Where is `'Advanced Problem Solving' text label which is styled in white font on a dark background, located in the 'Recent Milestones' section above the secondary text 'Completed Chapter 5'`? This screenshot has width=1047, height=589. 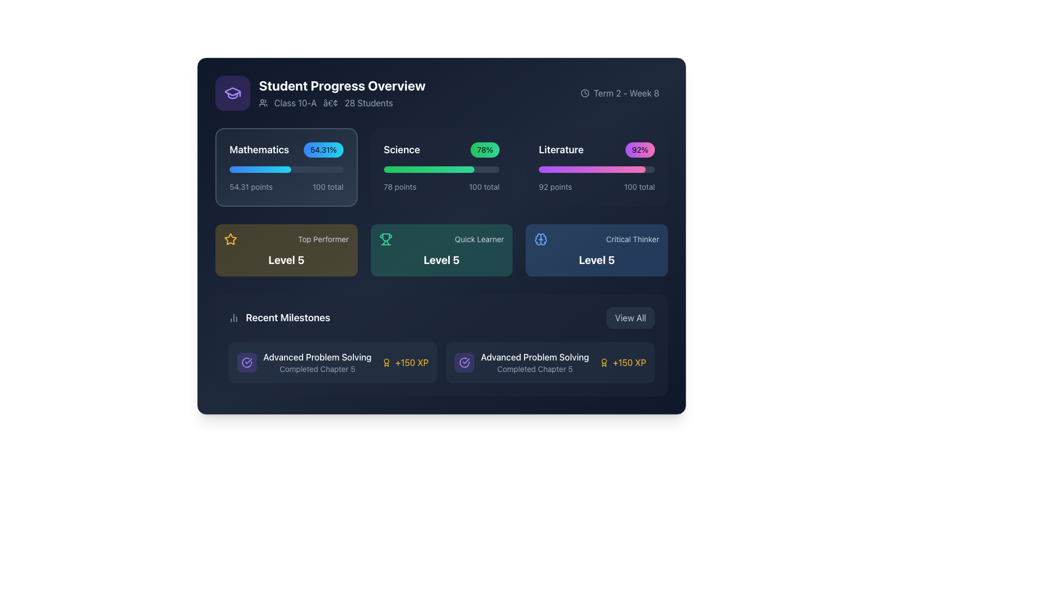
'Advanced Problem Solving' text label which is styled in white font on a dark background, located in the 'Recent Milestones' section above the secondary text 'Completed Chapter 5' is located at coordinates (317, 357).